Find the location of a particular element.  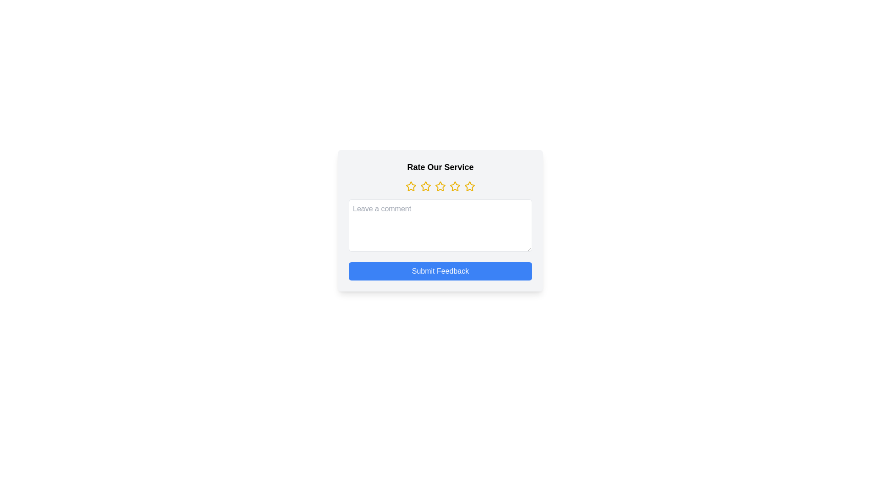

the fifth rating star in the series of five stars is located at coordinates (470, 186).